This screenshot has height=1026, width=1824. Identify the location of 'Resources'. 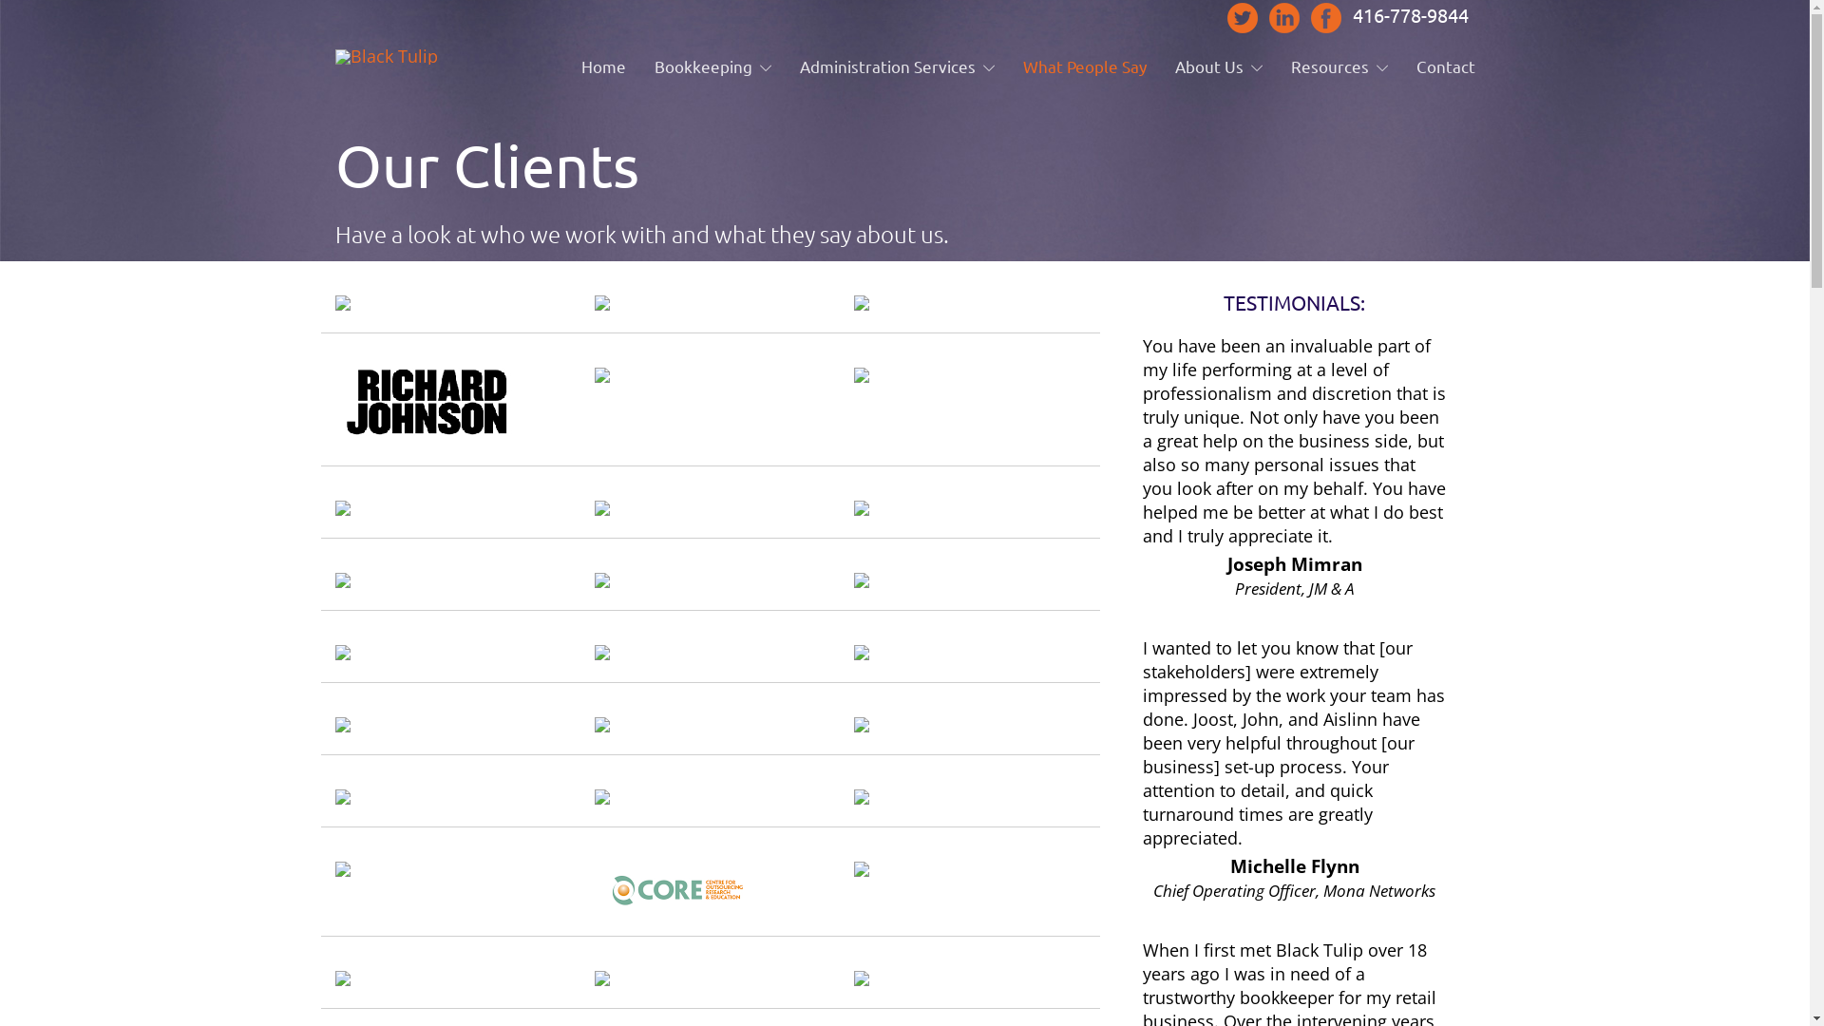
(1338, 65).